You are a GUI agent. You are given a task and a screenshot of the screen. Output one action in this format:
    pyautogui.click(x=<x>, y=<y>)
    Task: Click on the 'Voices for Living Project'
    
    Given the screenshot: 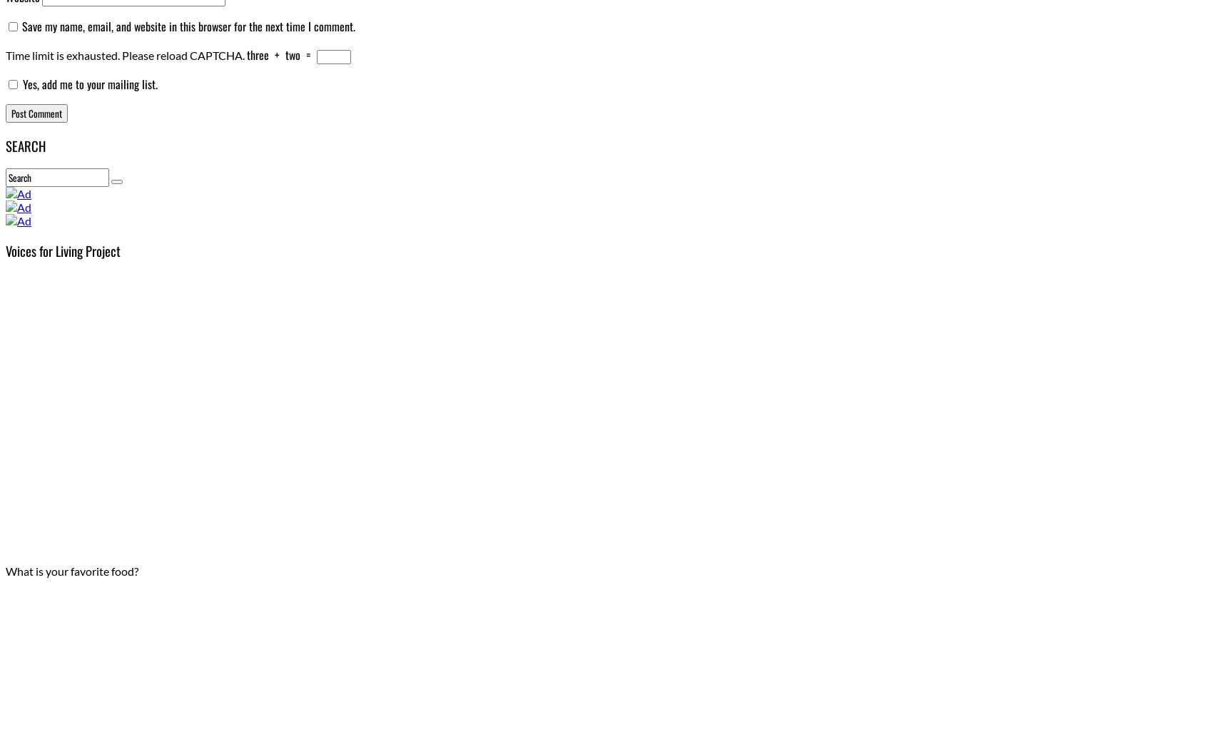 What is the action you would take?
    pyautogui.click(x=63, y=250)
    